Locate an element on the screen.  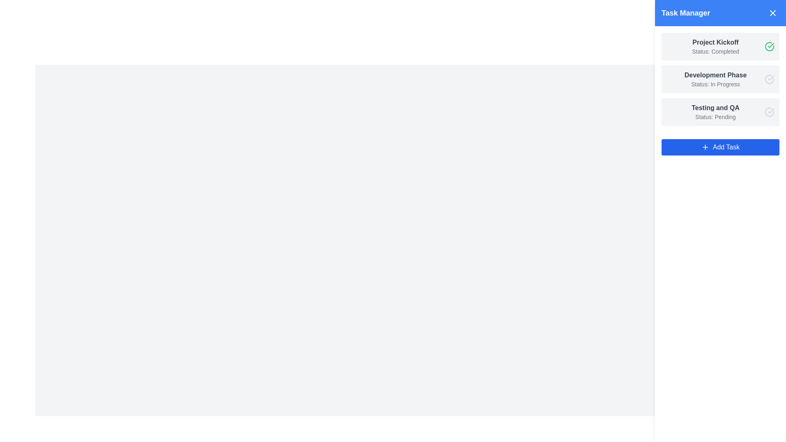
the green checkmark icon indicating completion next to the 'Development Phase' label in the Task Manager section is located at coordinates (770, 45).